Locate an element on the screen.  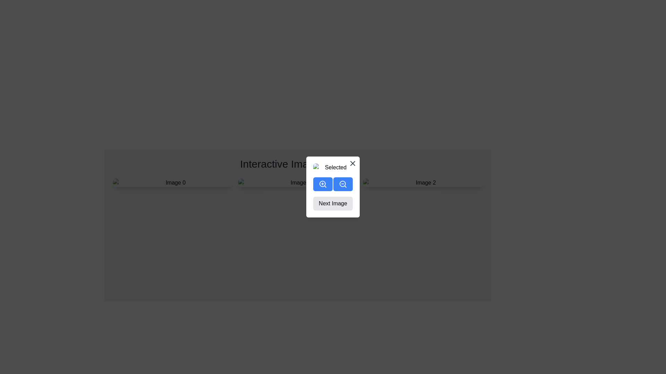
the first square button with a bright blue background and a white round magnifying glass icon featuring a plus symbol inside is located at coordinates (323, 184).